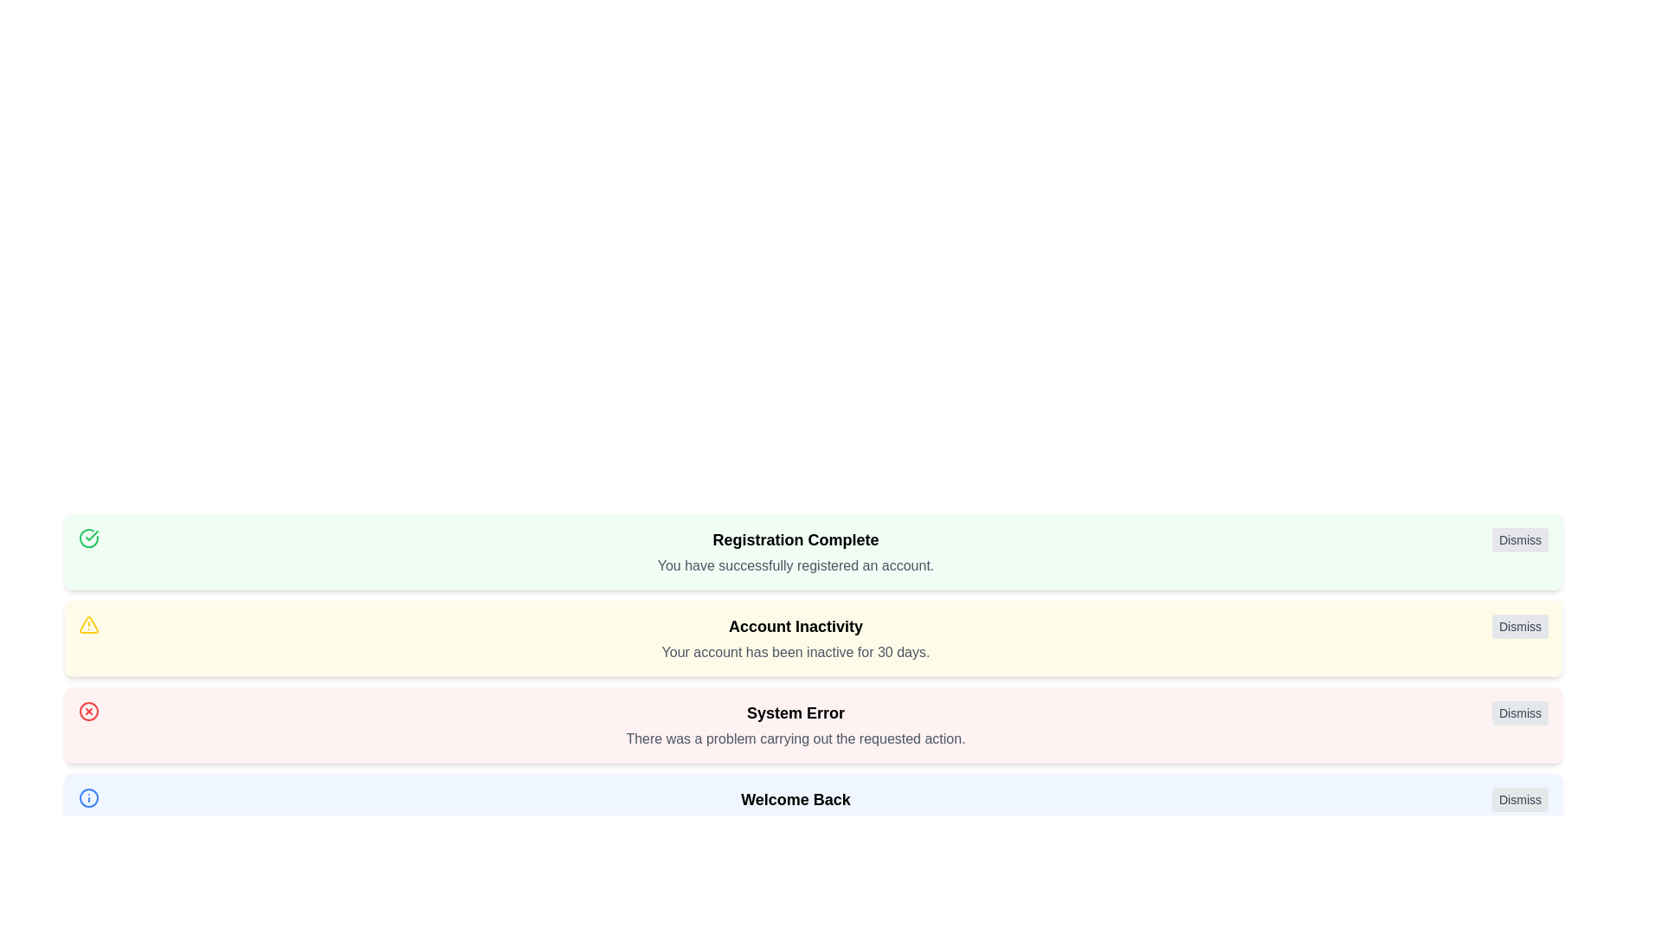 This screenshot has width=1662, height=935. Describe the element at coordinates (87, 537) in the screenshot. I see `the success icon located in the top-left corner of the 'Registration Complete' notification box` at that location.